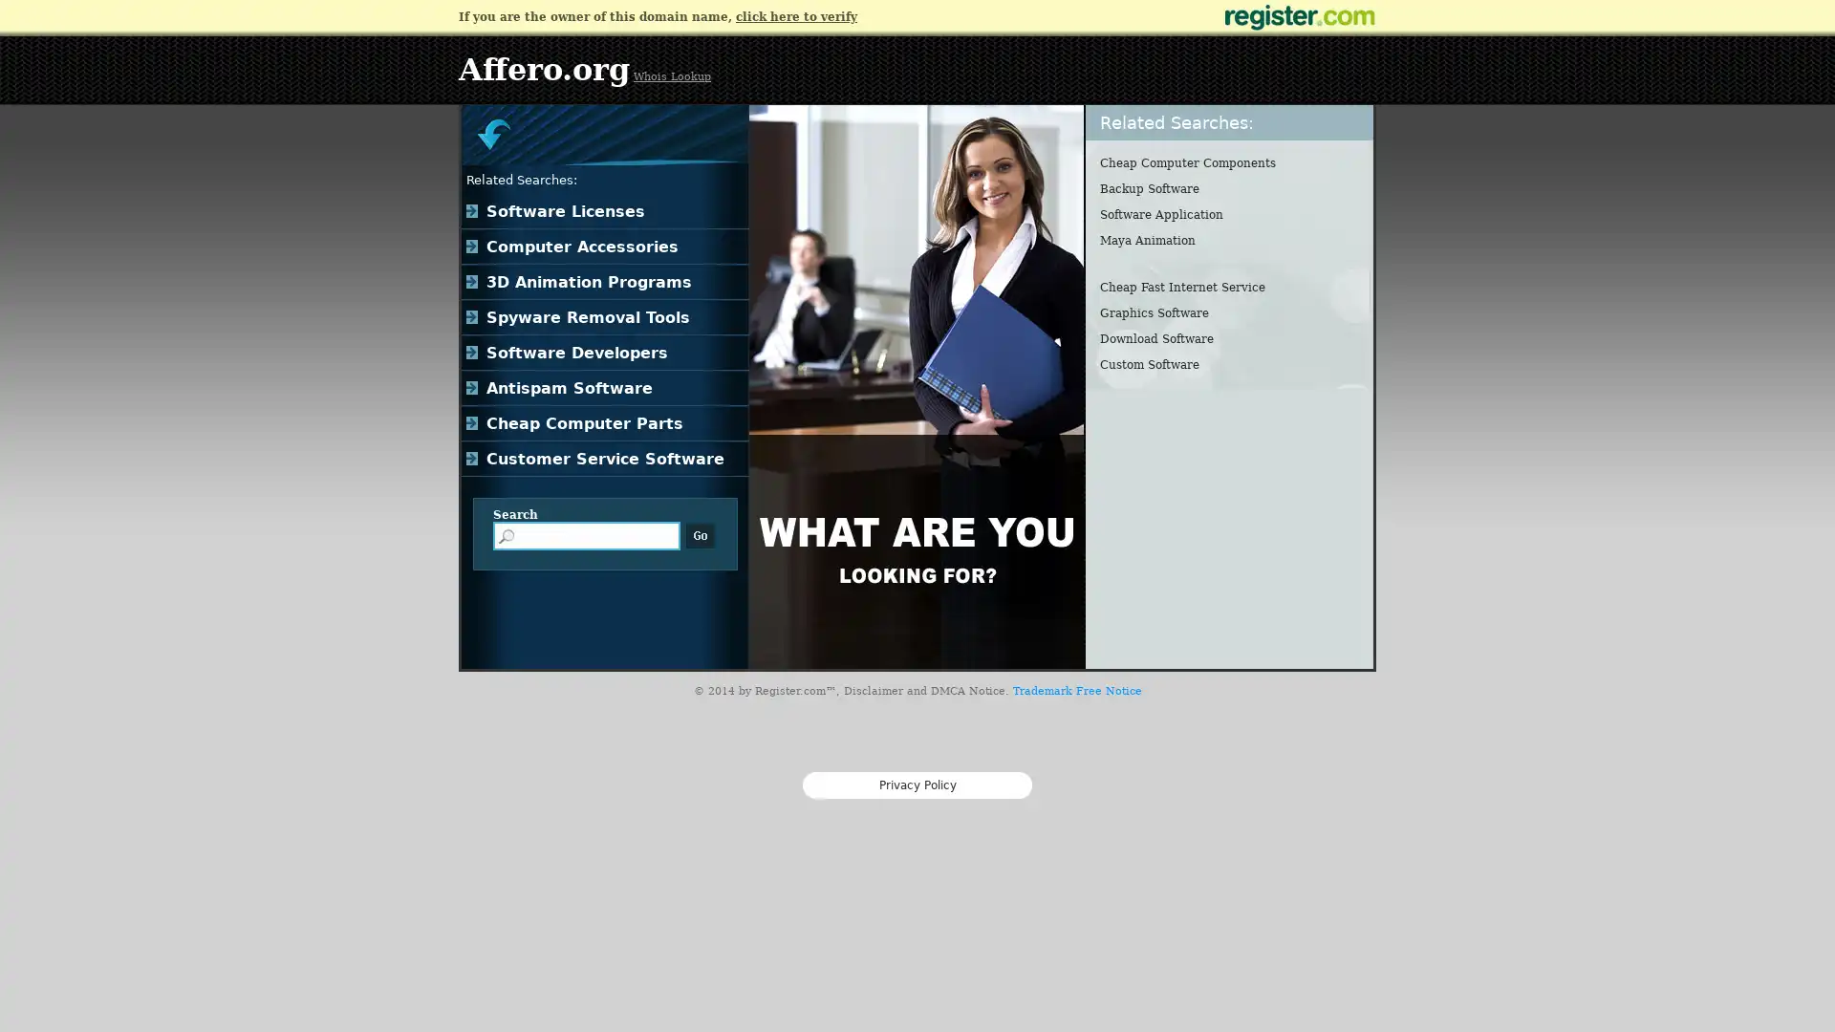 Image resolution: width=1835 pixels, height=1032 pixels. What do you see at coordinates (700, 535) in the screenshot?
I see `Go` at bounding box center [700, 535].